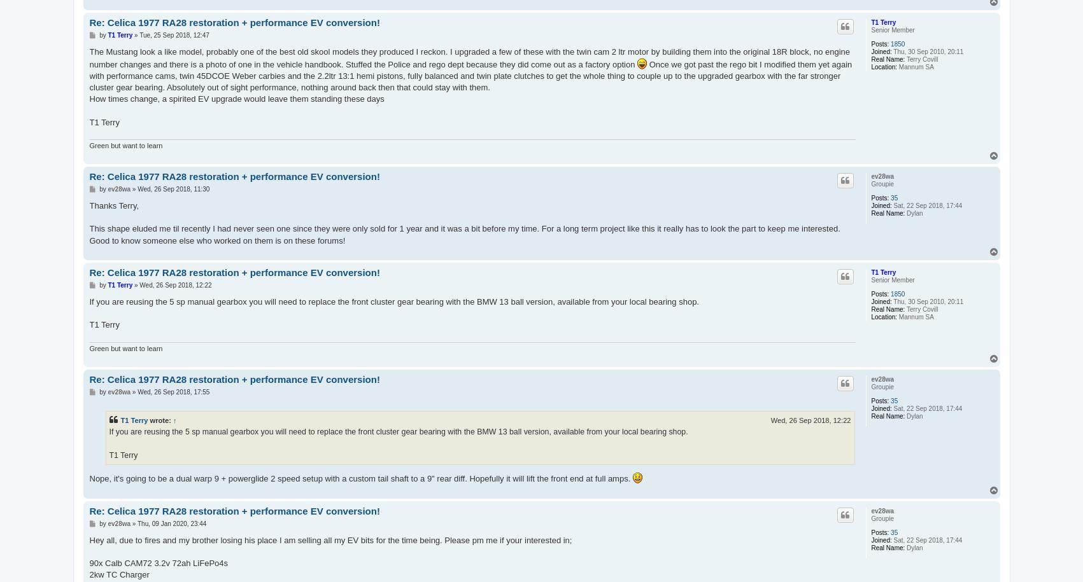  What do you see at coordinates (360, 478) in the screenshot?
I see `'Nope, it's going to be a dual warp 9 + powerglide 2 speed setup with a custom tail shaft to a 9" rear diff. Hopefully it will lift the front end at full amps.'` at bounding box center [360, 478].